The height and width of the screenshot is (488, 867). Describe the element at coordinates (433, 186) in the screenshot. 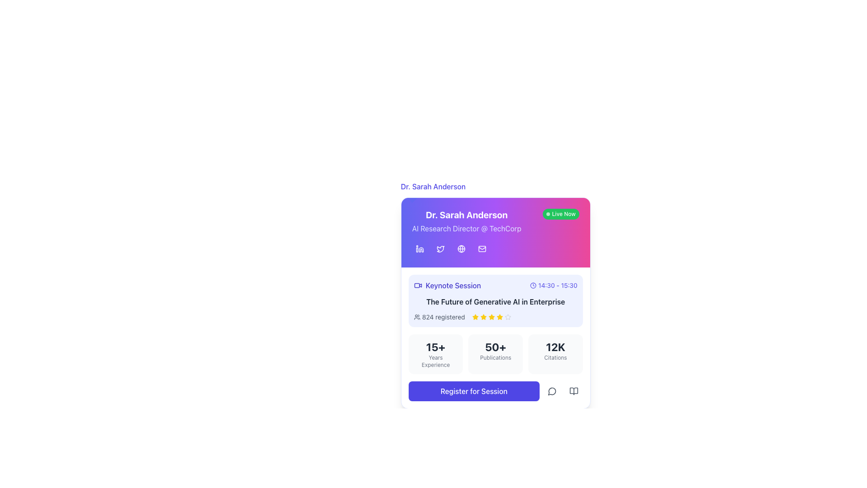

I see `the text label displaying 'Dr. Sarah Anderson' styled in blue, centrally aligned above the colored information card` at that location.